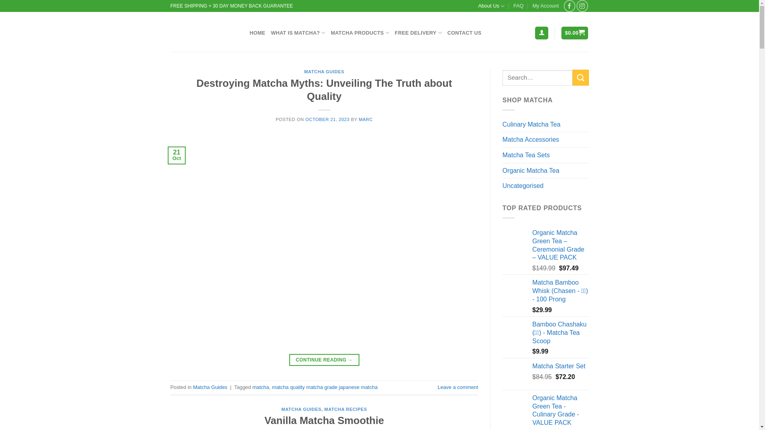 This screenshot has height=430, width=765. I want to click on 'Follow on Facebook', so click(569, 6).